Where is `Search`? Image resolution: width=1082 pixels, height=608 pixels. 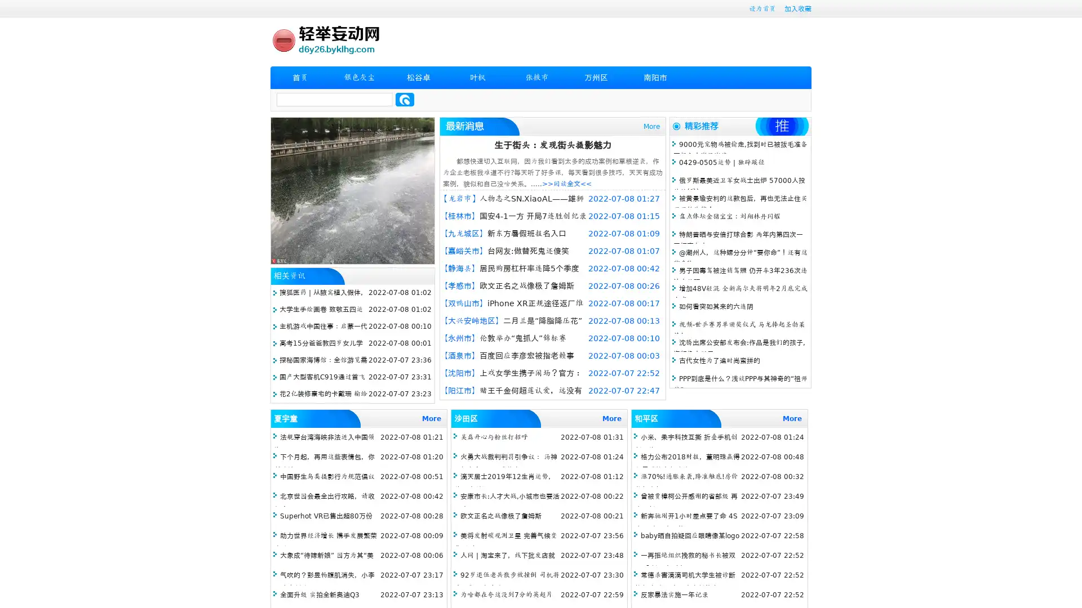 Search is located at coordinates (405, 99).